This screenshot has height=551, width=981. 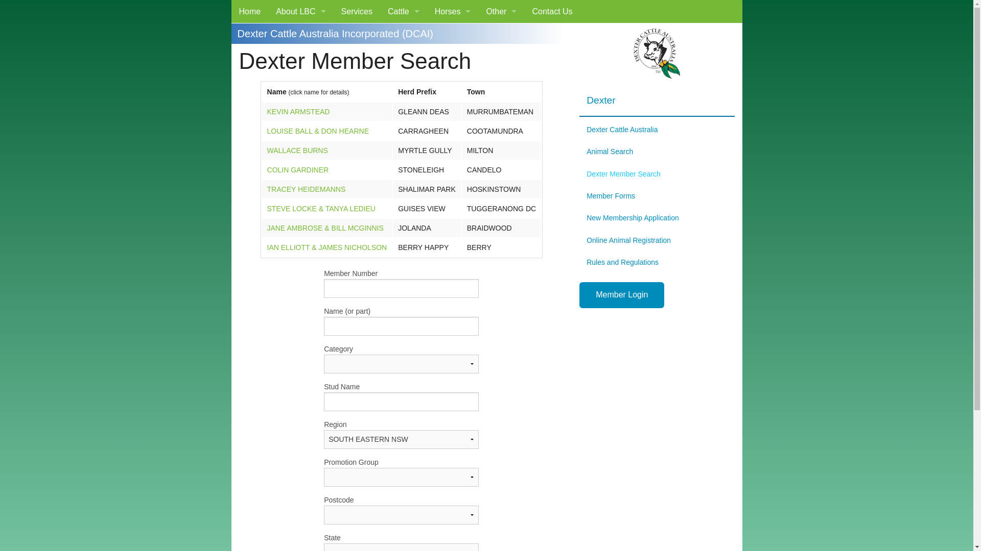 What do you see at coordinates (297, 169) in the screenshot?
I see `'COLIN GARDINER'` at bounding box center [297, 169].